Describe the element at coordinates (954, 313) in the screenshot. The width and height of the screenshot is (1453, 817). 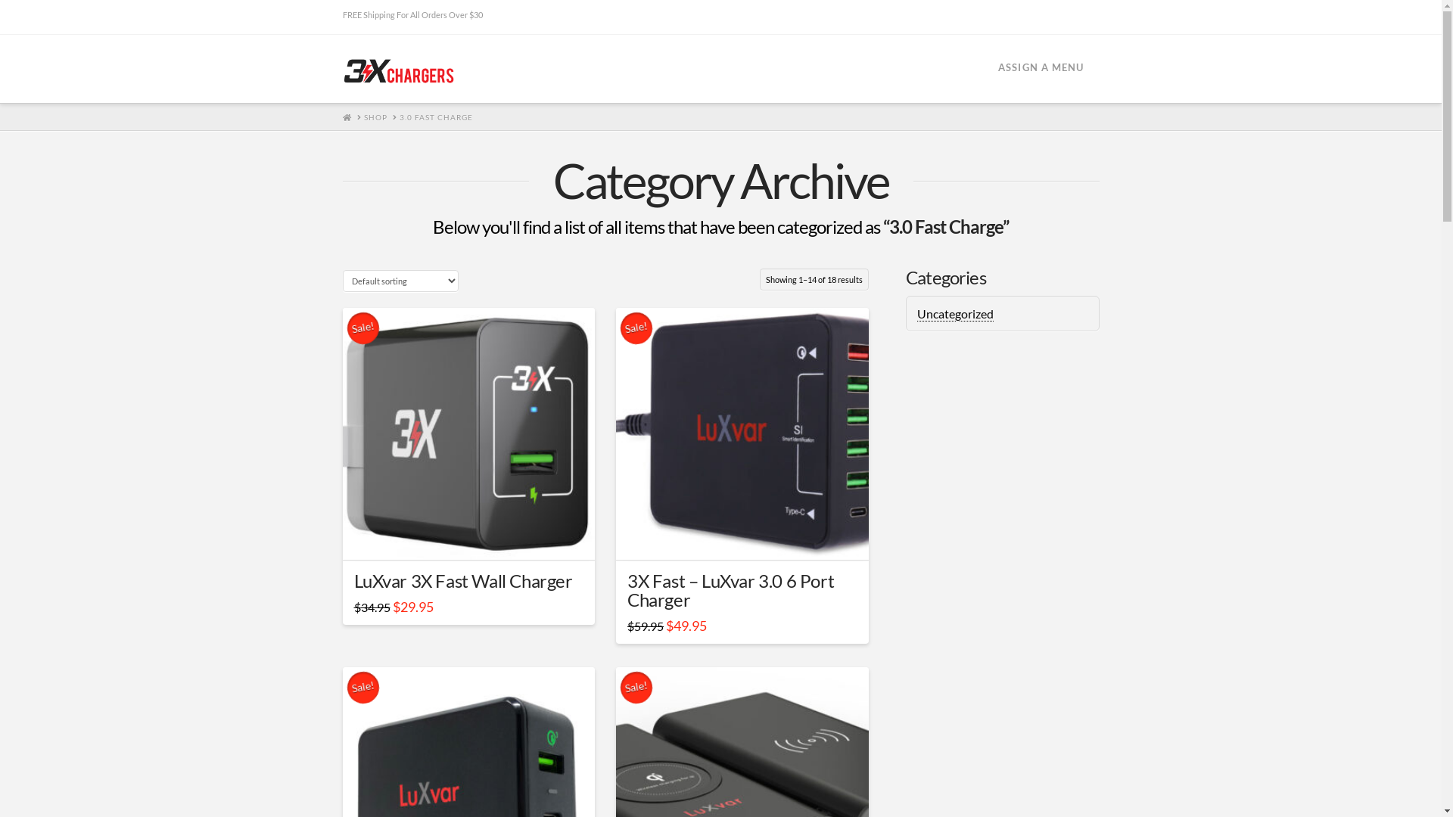
I see `'Uncategorized'` at that location.